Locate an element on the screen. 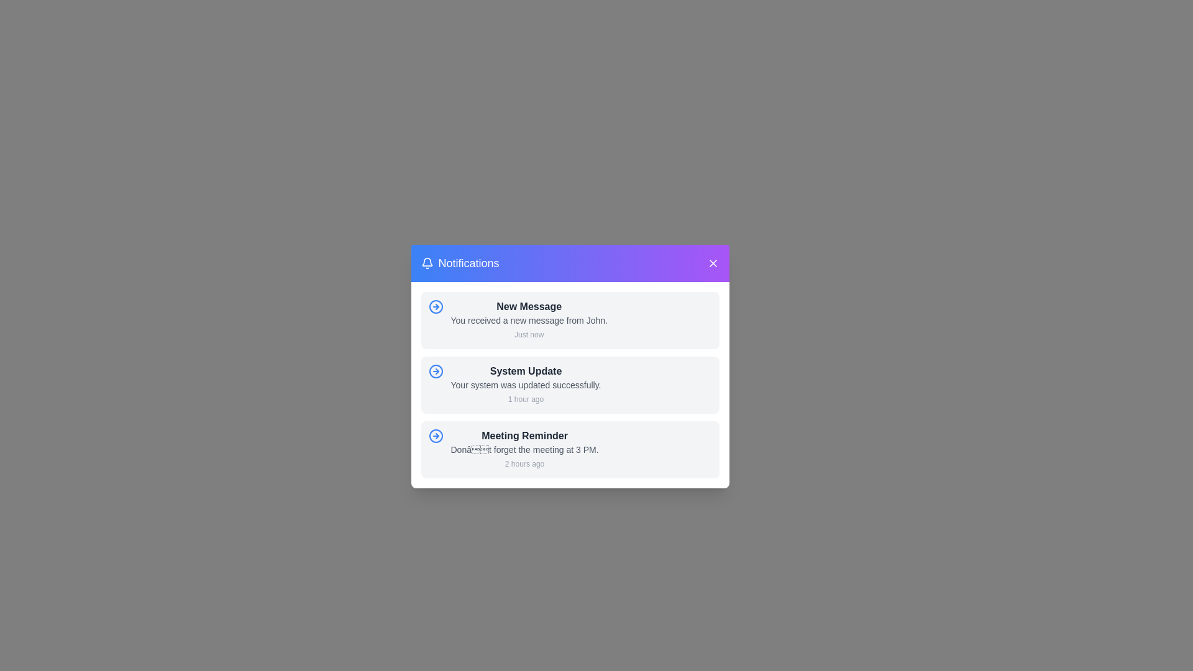 Image resolution: width=1193 pixels, height=671 pixels. the navigational icon located in the top-left section of the 'New Message' notification card, positioned beside the text content is located at coordinates (436, 306).